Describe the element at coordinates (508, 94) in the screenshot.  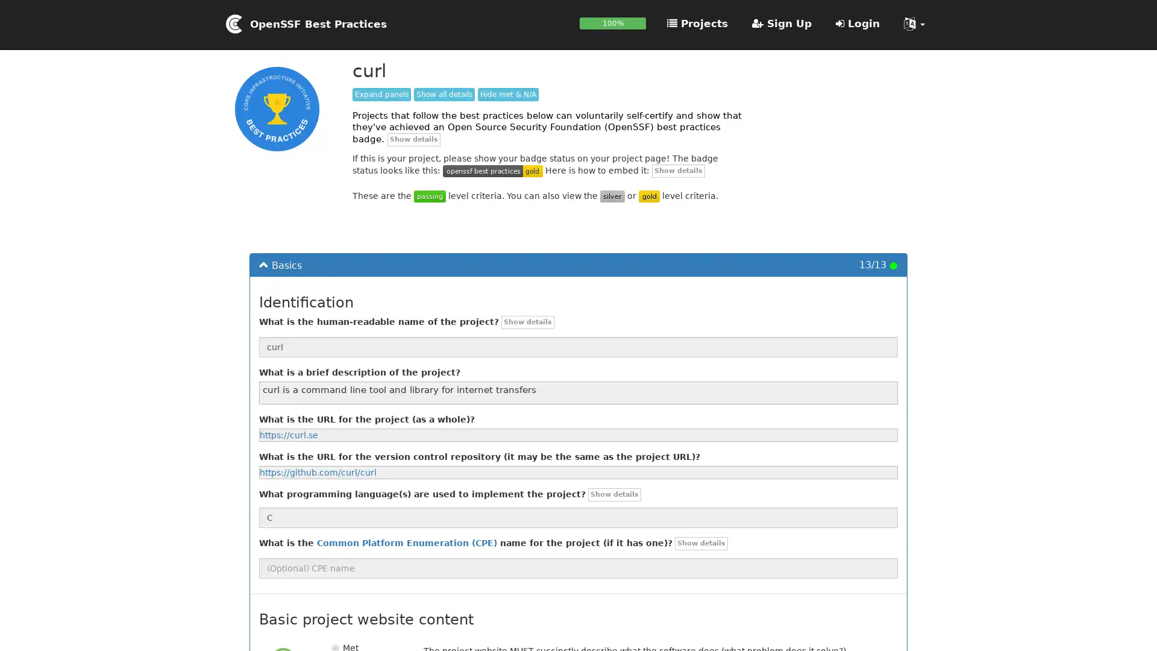
I see `Hide met & N/A` at that location.